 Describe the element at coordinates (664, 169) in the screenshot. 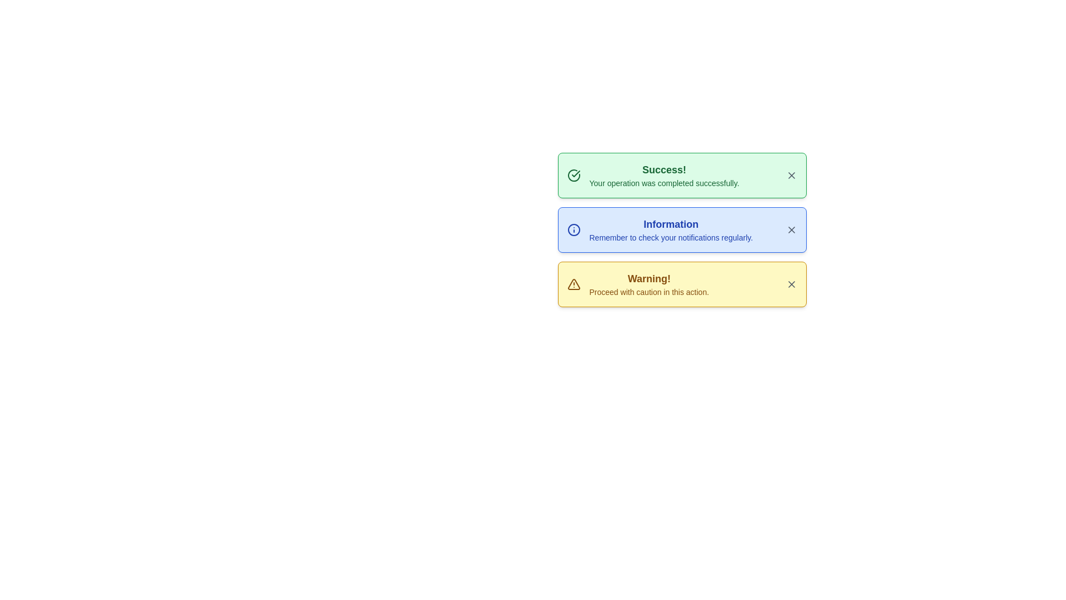

I see `the type of message based on its content` at that location.